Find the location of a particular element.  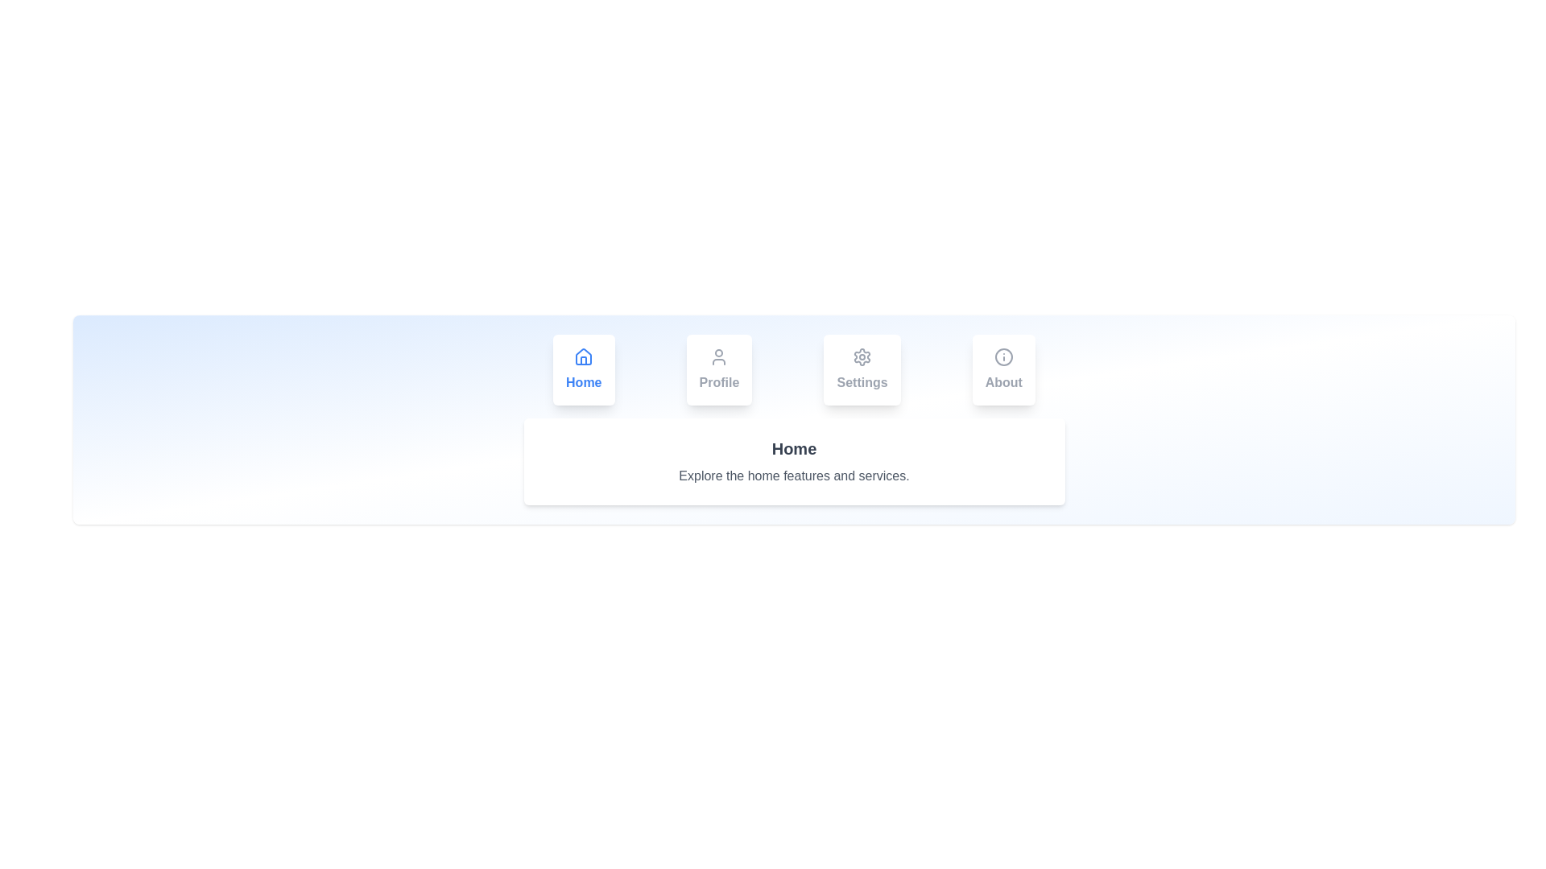

the About tab to switch content is located at coordinates (1002, 369).